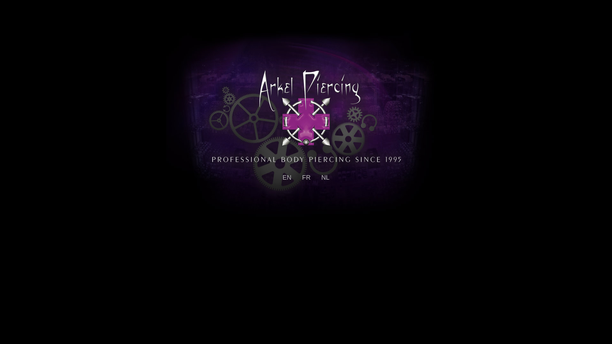 This screenshot has height=344, width=612. Describe the element at coordinates (321, 177) in the screenshot. I see `'NL'` at that location.